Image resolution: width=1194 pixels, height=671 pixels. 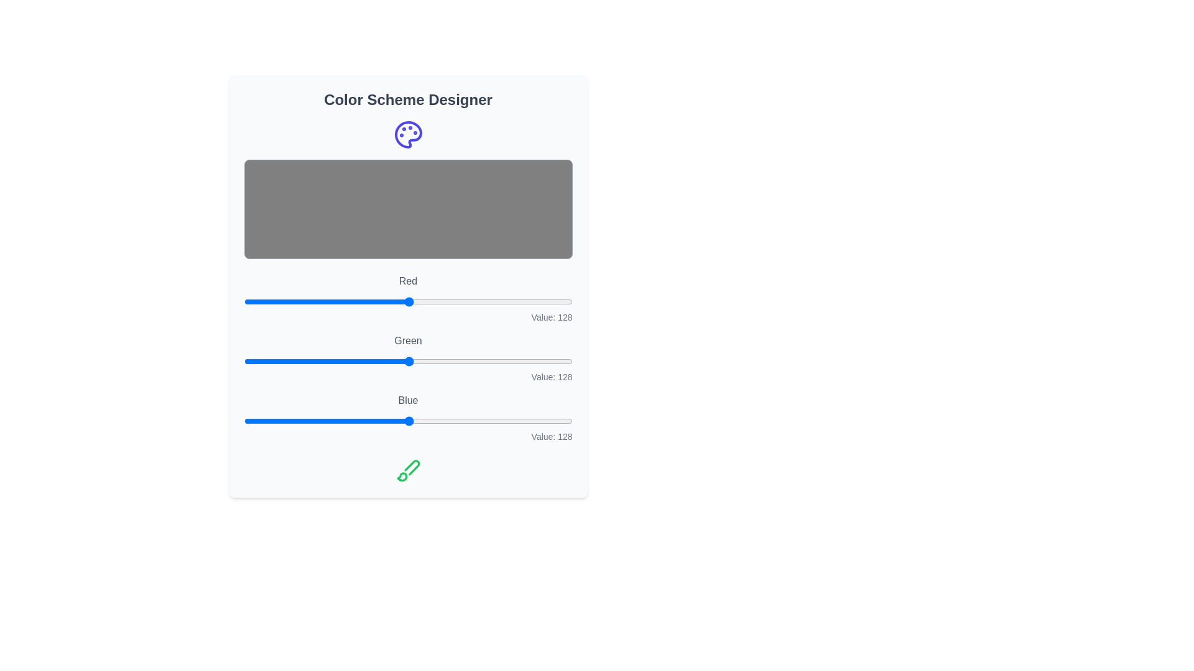 What do you see at coordinates (408, 376) in the screenshot?
I see `the text display that shows 'Value: 128', which is aligned to the right and located below the 'Green' slider in the color adjustment interface` at bounding box center [408, 376].